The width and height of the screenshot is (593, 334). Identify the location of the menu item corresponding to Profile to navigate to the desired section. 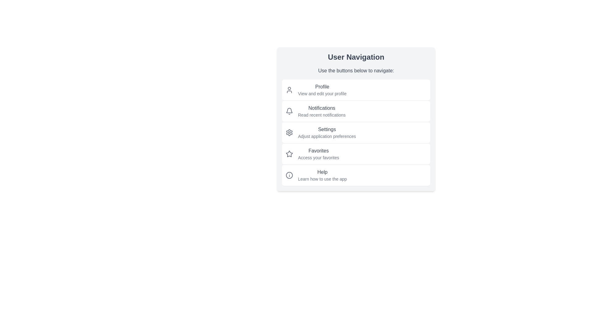
(356, 90).